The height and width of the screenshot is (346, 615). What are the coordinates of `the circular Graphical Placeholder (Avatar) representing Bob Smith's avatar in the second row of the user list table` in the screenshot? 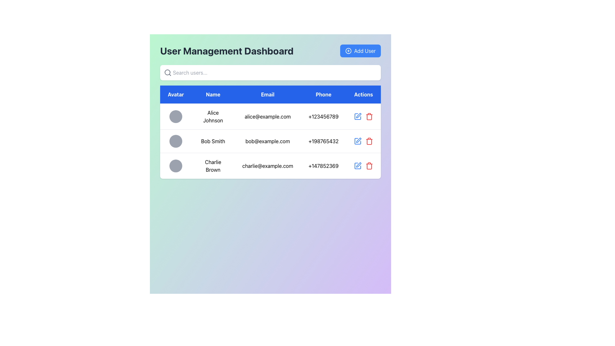 It's located at (176, 141).